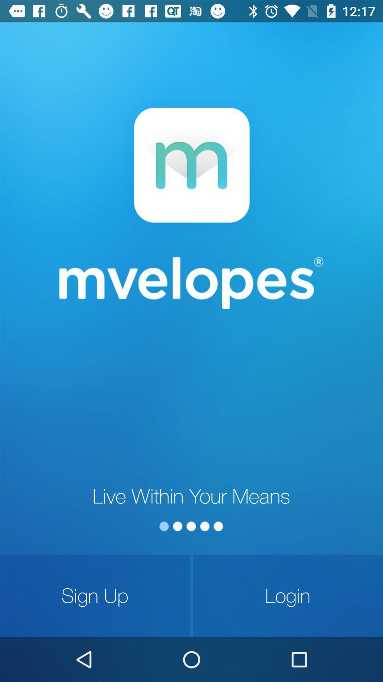 Image resolution: width=383 pixels, height=682 pixels. Describe the element at coordinates (95, 596) in the screenshot. I see `sign up item` at that location.